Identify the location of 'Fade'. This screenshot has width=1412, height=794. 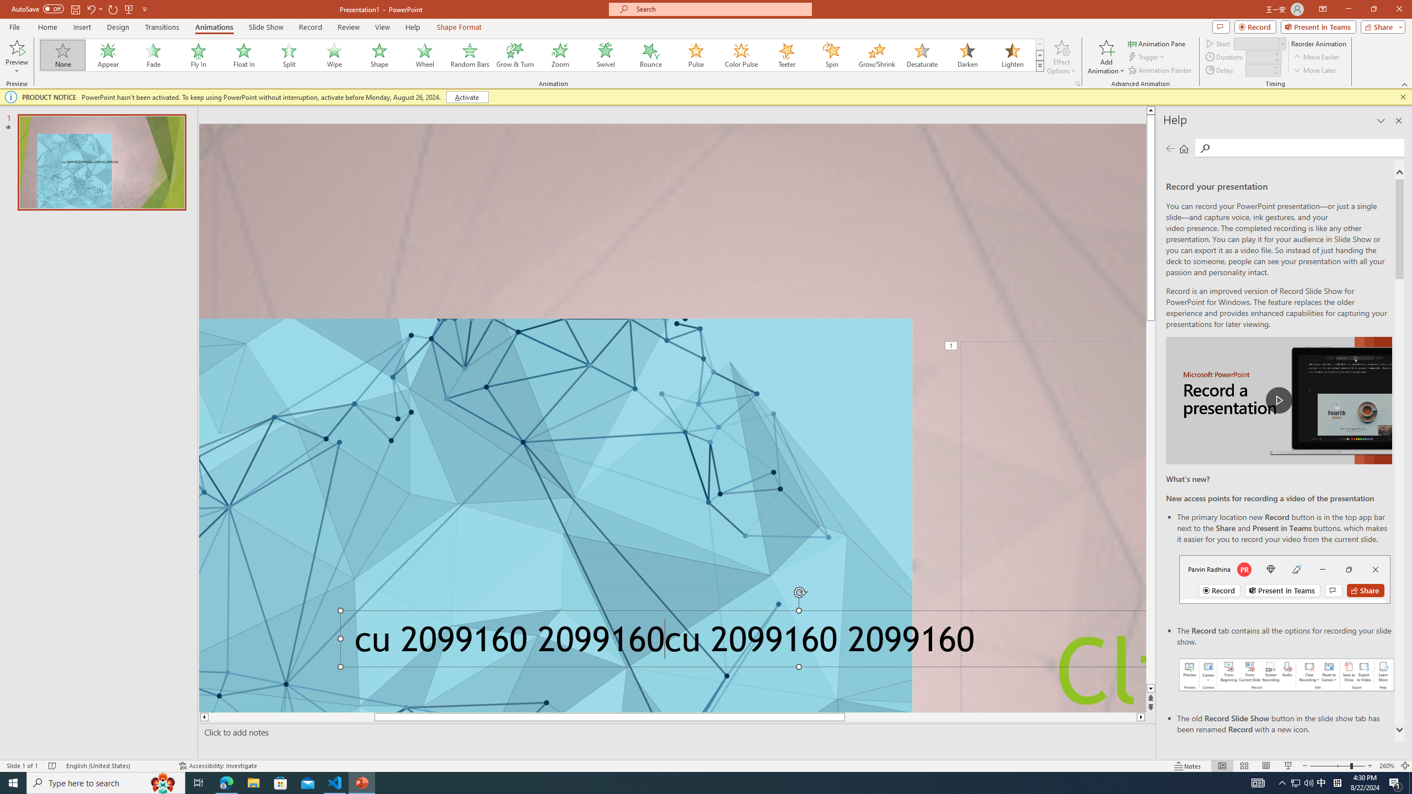
(153, 55).